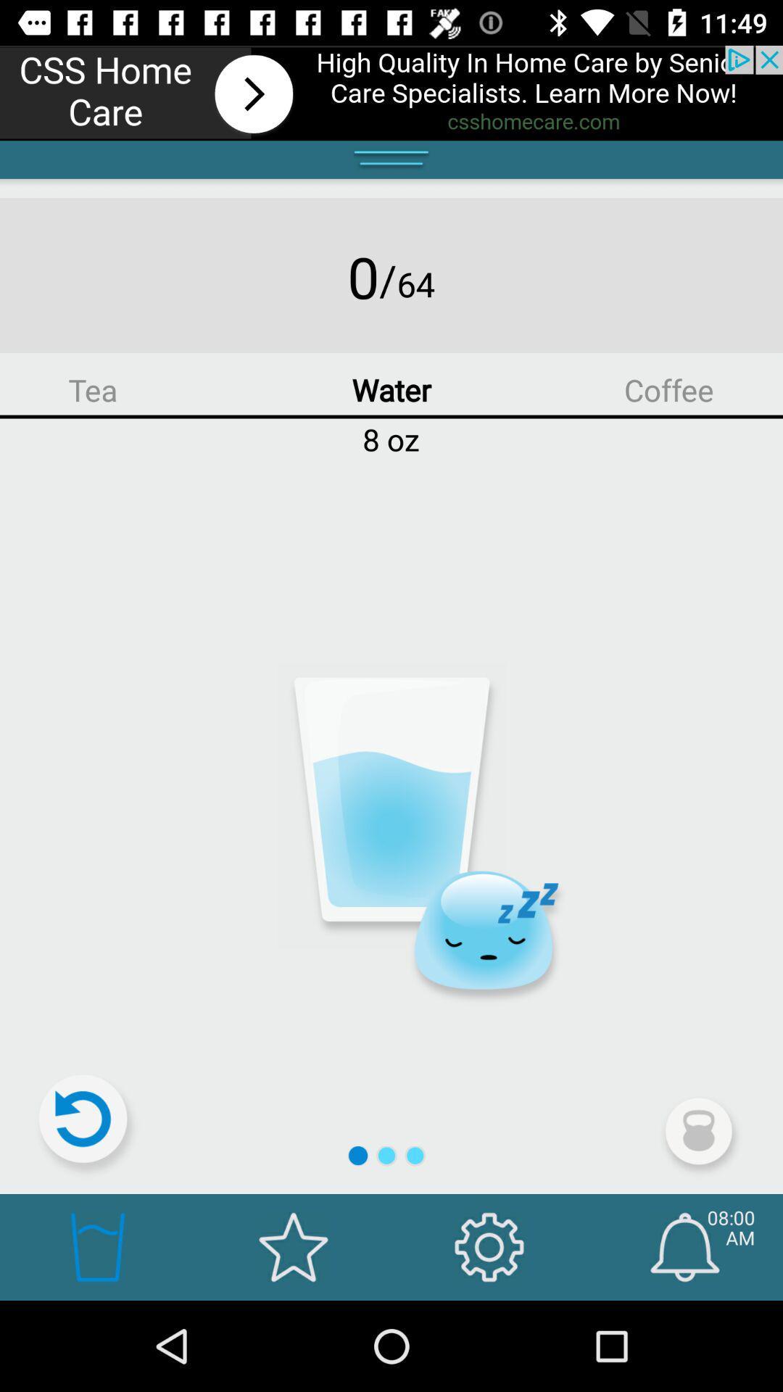 The height and width of the screenshot is (1392, 783). I want to click on advertisement, so click(391, 92).